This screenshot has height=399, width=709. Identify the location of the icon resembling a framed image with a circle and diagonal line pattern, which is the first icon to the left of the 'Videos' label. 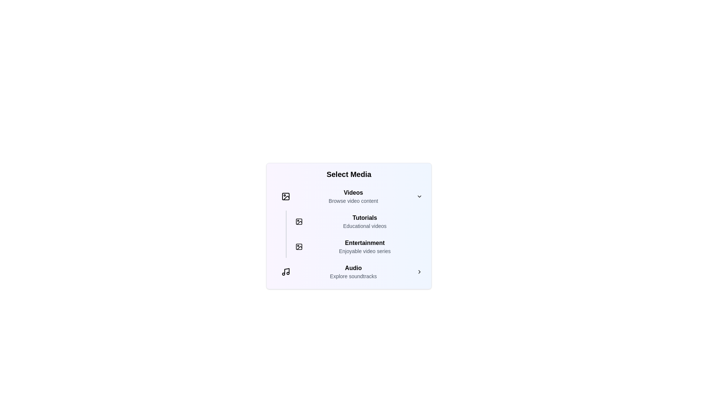
(285, 196).